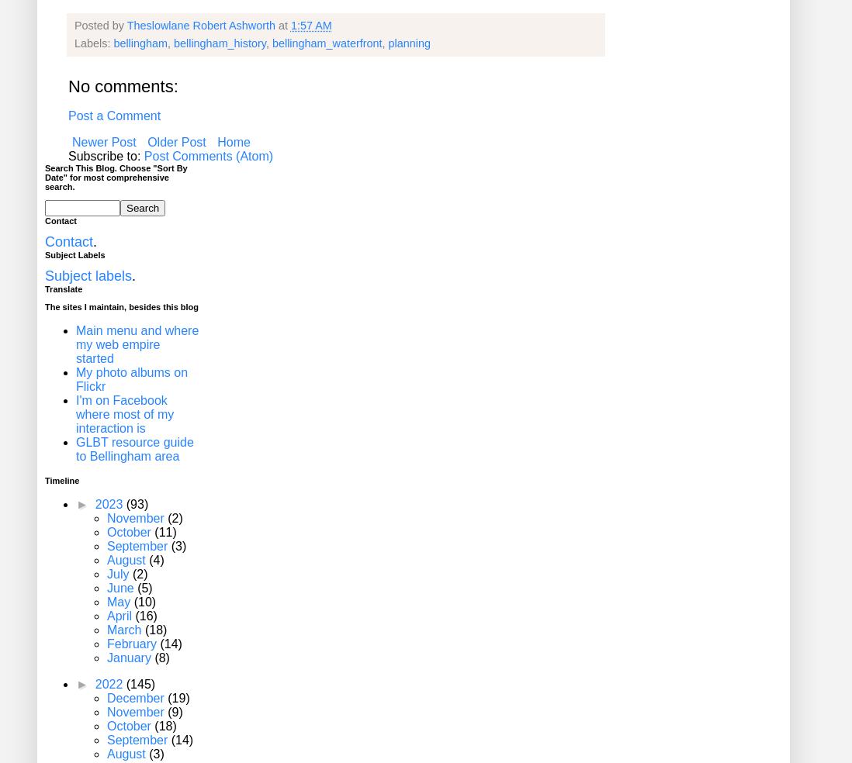 The image size is (852, 763). I want to click on 'Older Post', so click(175, 142).